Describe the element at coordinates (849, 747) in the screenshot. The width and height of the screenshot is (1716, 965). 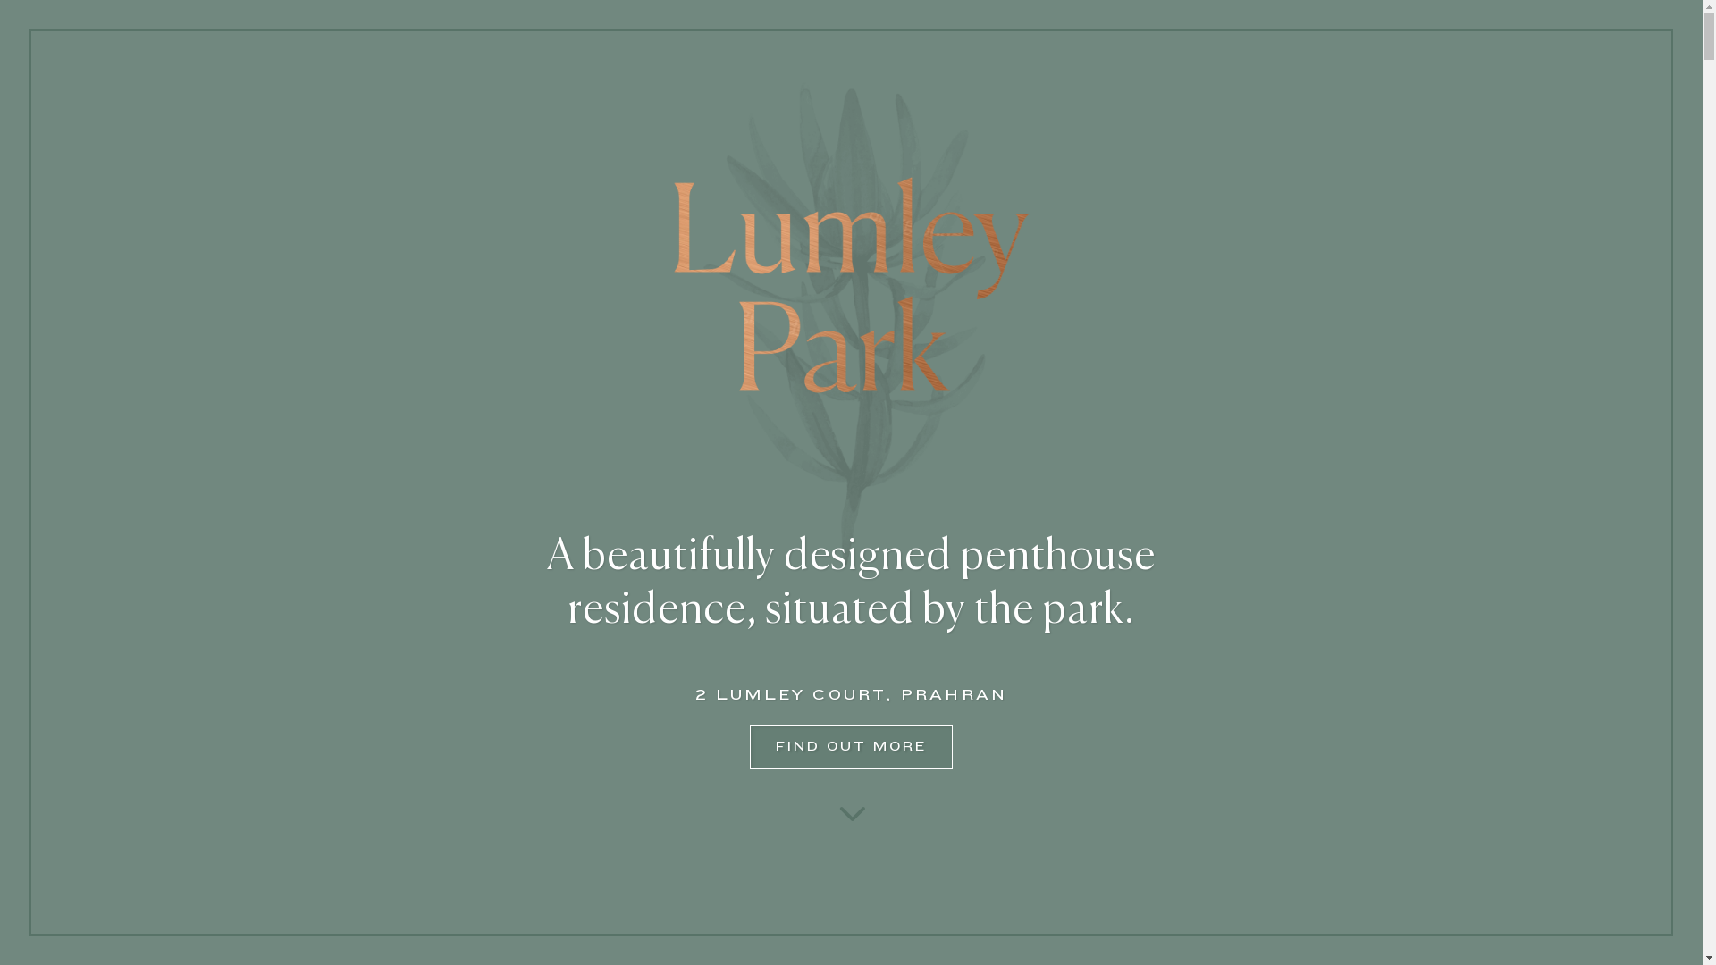
I see `'FIND OUT MORE'` at that location.